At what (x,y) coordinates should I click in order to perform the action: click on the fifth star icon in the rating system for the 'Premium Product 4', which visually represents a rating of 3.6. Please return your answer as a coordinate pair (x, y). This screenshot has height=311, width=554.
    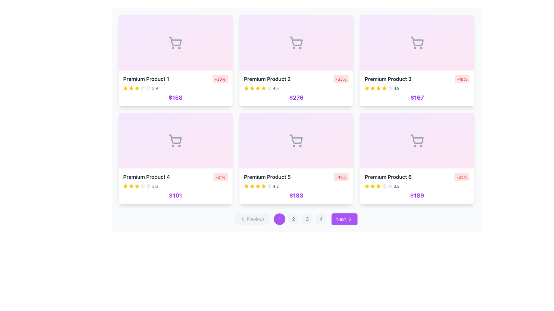
    Looking at the image, I should click on (137, 186).